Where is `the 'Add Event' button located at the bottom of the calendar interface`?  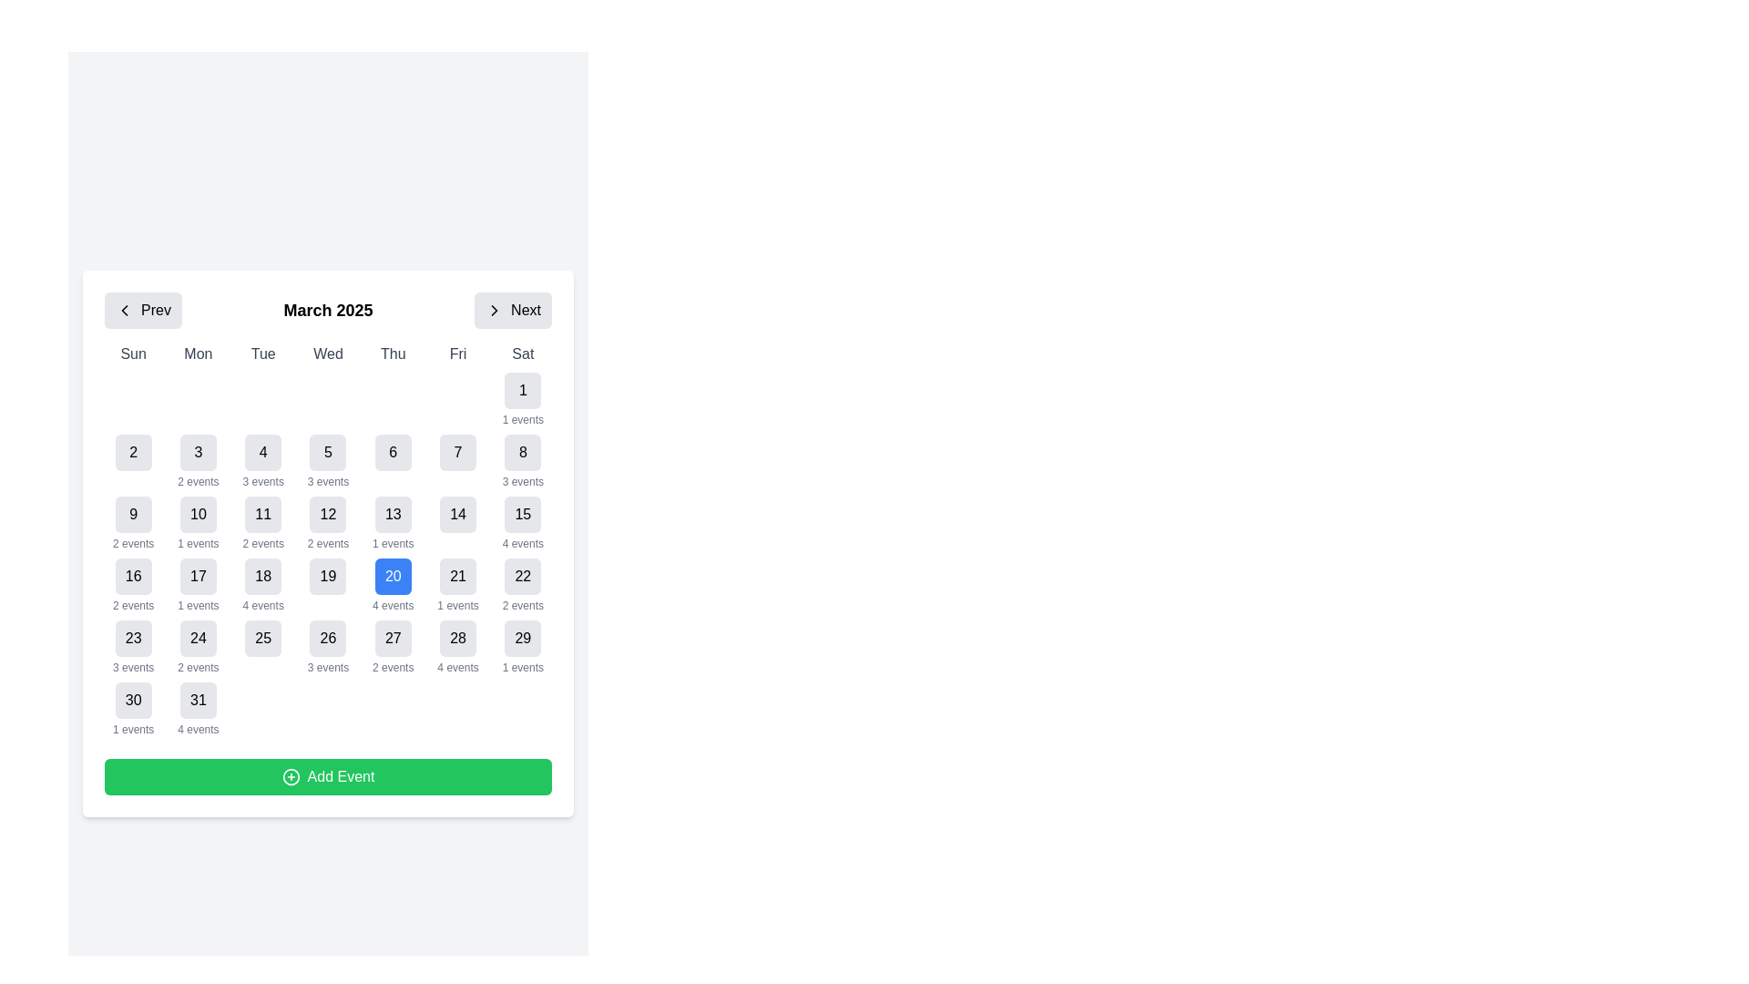 the 'Add Event' button located at the bottom of the calendar interface is located at coordinates (328, 776).